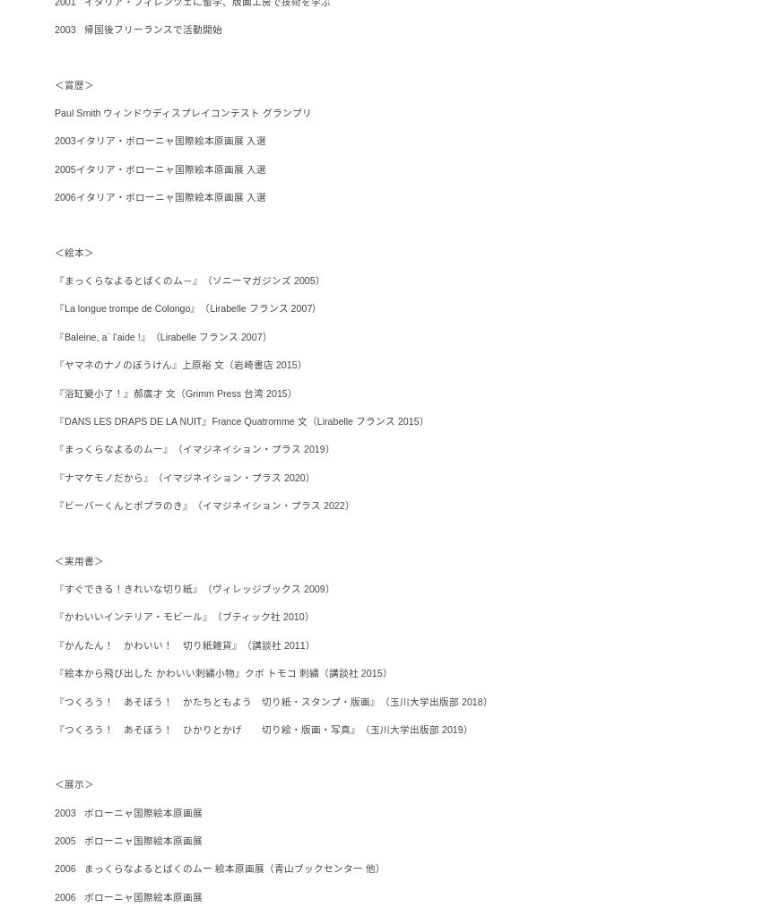 The height and width of the screenshot is (908, 762). Describe the element at coordinates (273, 701) in the screenshot. I see `'『つくろう！　あそぼう！　かたちともよう　切り紙・スタンプ・版画』（玉川大学出版部 2018）'` at that location.